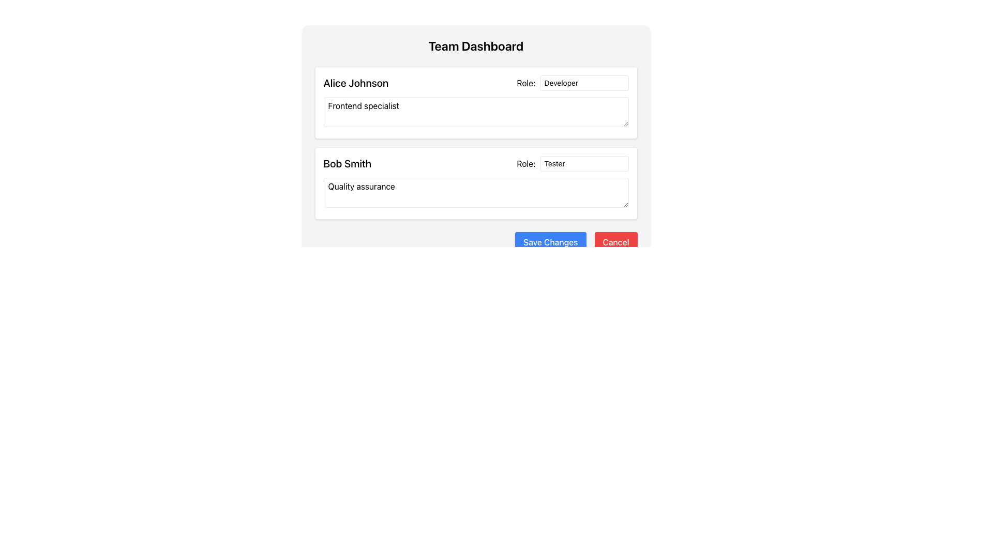  I want to click on the 'Save Changes' button with a blue background and white text, so click(550, 242).